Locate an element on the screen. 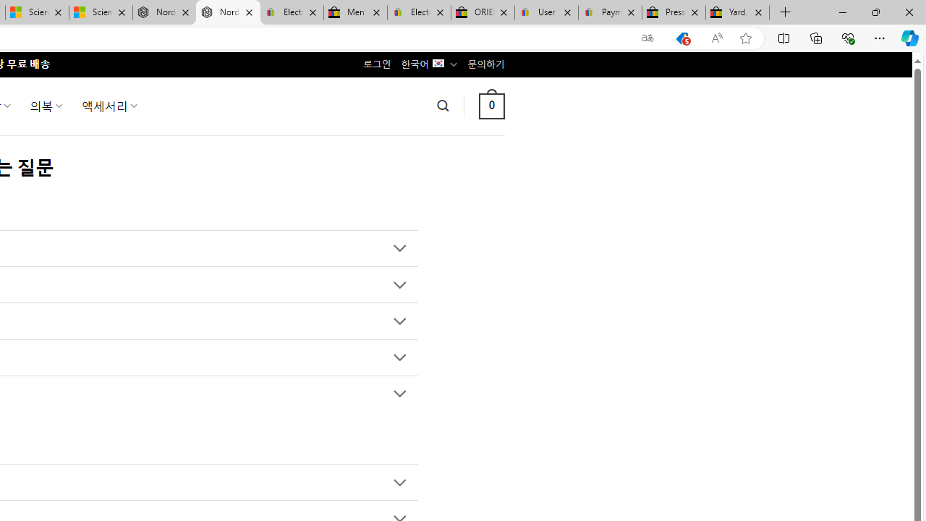 This screenshot has width=926, height=521. 'Nordace - FAQ' is located at coordinates (227, 12).